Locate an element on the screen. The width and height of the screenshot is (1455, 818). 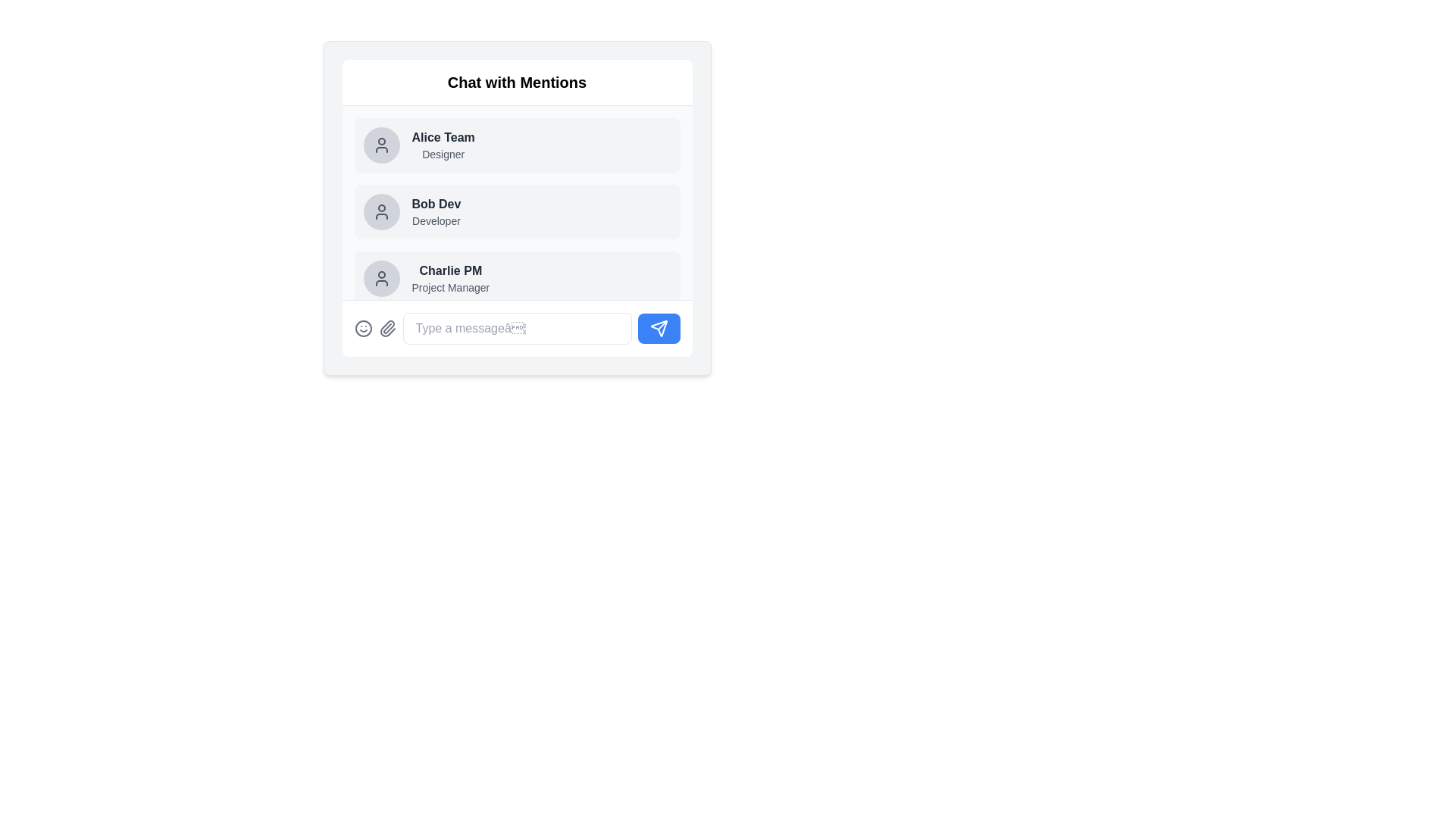
the user avatar placeholder located to the left of the name and role text 'Alice Team' and 'Designer' in the first user card of the chat interface is located at coordinates (381, 145).